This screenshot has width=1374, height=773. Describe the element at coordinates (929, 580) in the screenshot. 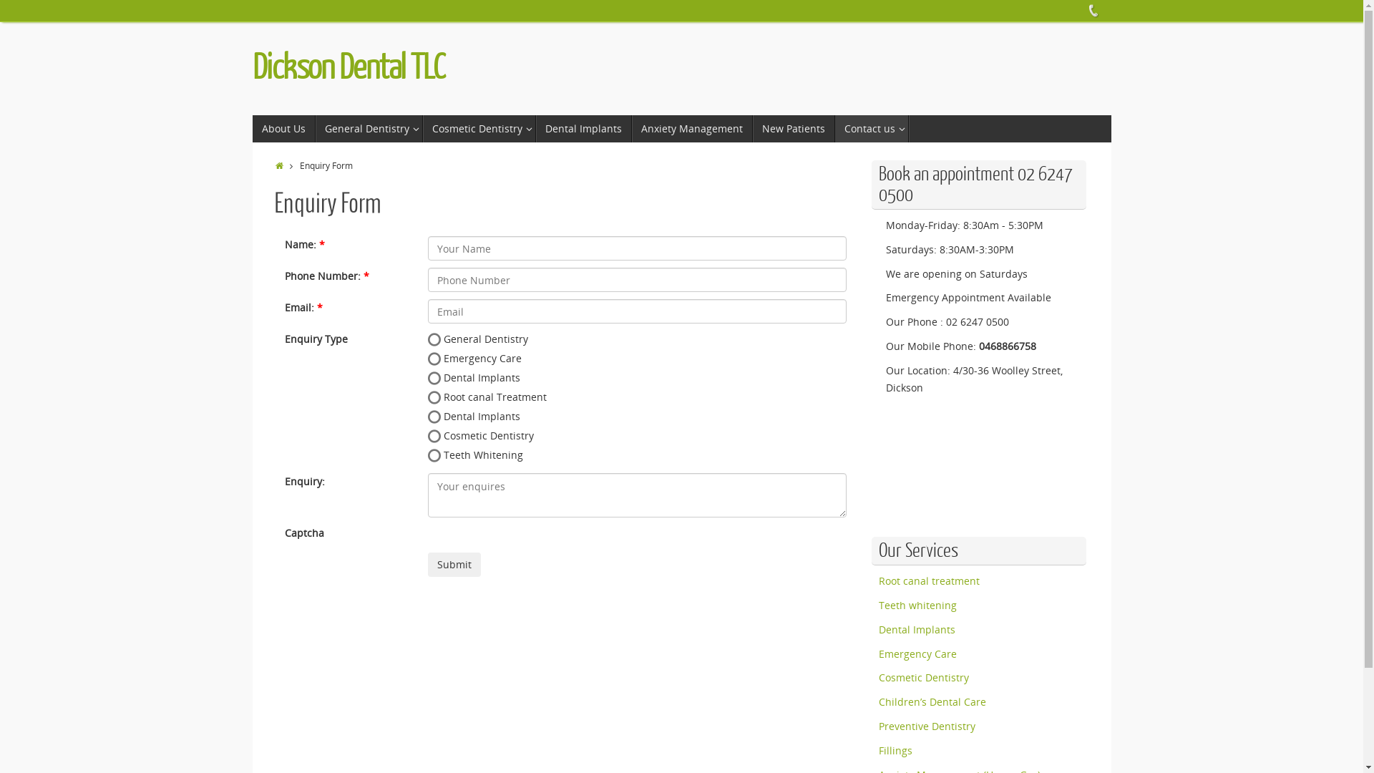

I see `'Root canal treatment'` at that location.